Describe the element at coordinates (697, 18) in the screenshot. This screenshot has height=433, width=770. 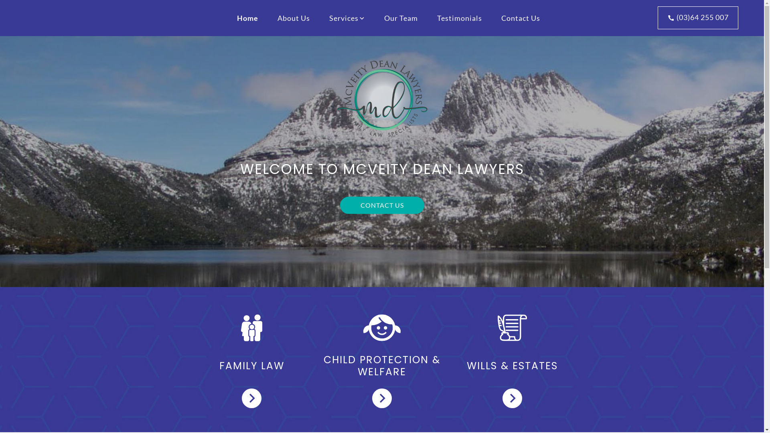
I see `'(03)64 255 007'` at that location.